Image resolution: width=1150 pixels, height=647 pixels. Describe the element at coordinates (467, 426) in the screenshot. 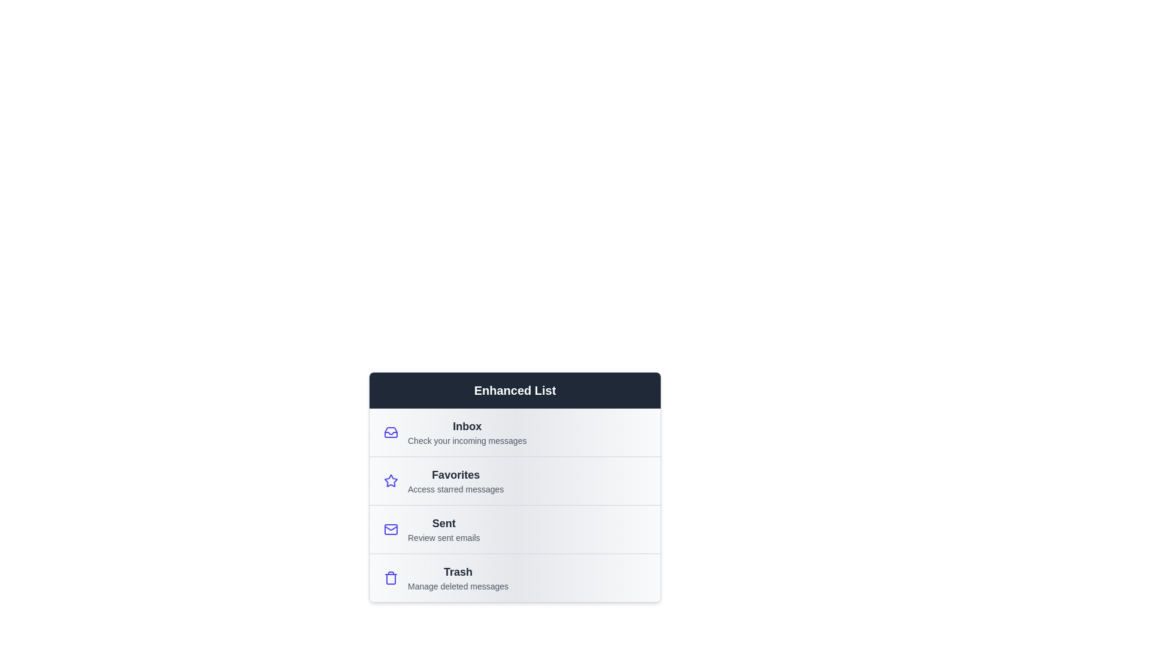

I see `the 'Inbox' text label, which is a bold dark gray label on a white background, located in the first row of the 'Enhanced List' section` at that location.